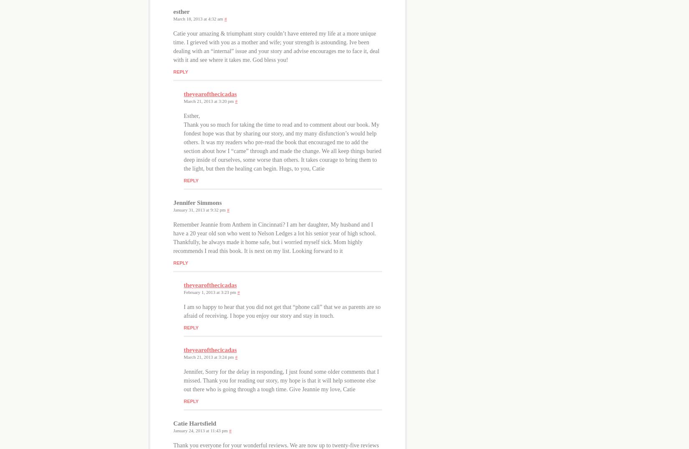 The width and height of the screenshot is (689, 449). What do you see at coordinates (197, 202) in the screenshot?
I see `'Jennifer Simmons'` at bounding box center [197, 202].